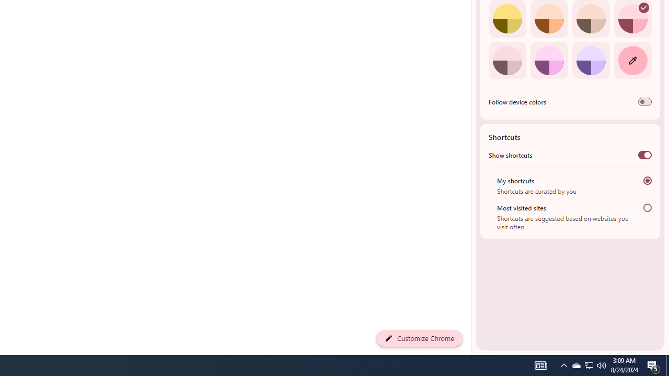 Image resolution: width=669 pixels, height=376 pixels. What do you see at coordinates (507, 19) in the screenshot?
I see `'Citron'` at bounding box center [507, 19].